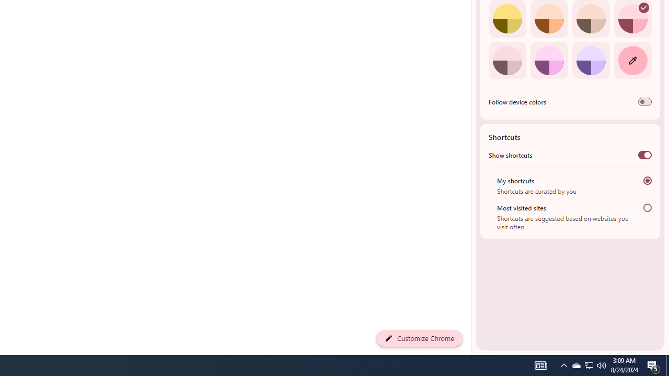 Image resolution: width=669 pixels, height=376 pixels. What do you see at coordinates (507, 19) in the screenshot?
I see `'Citron'` at bounding box center [507, 19].